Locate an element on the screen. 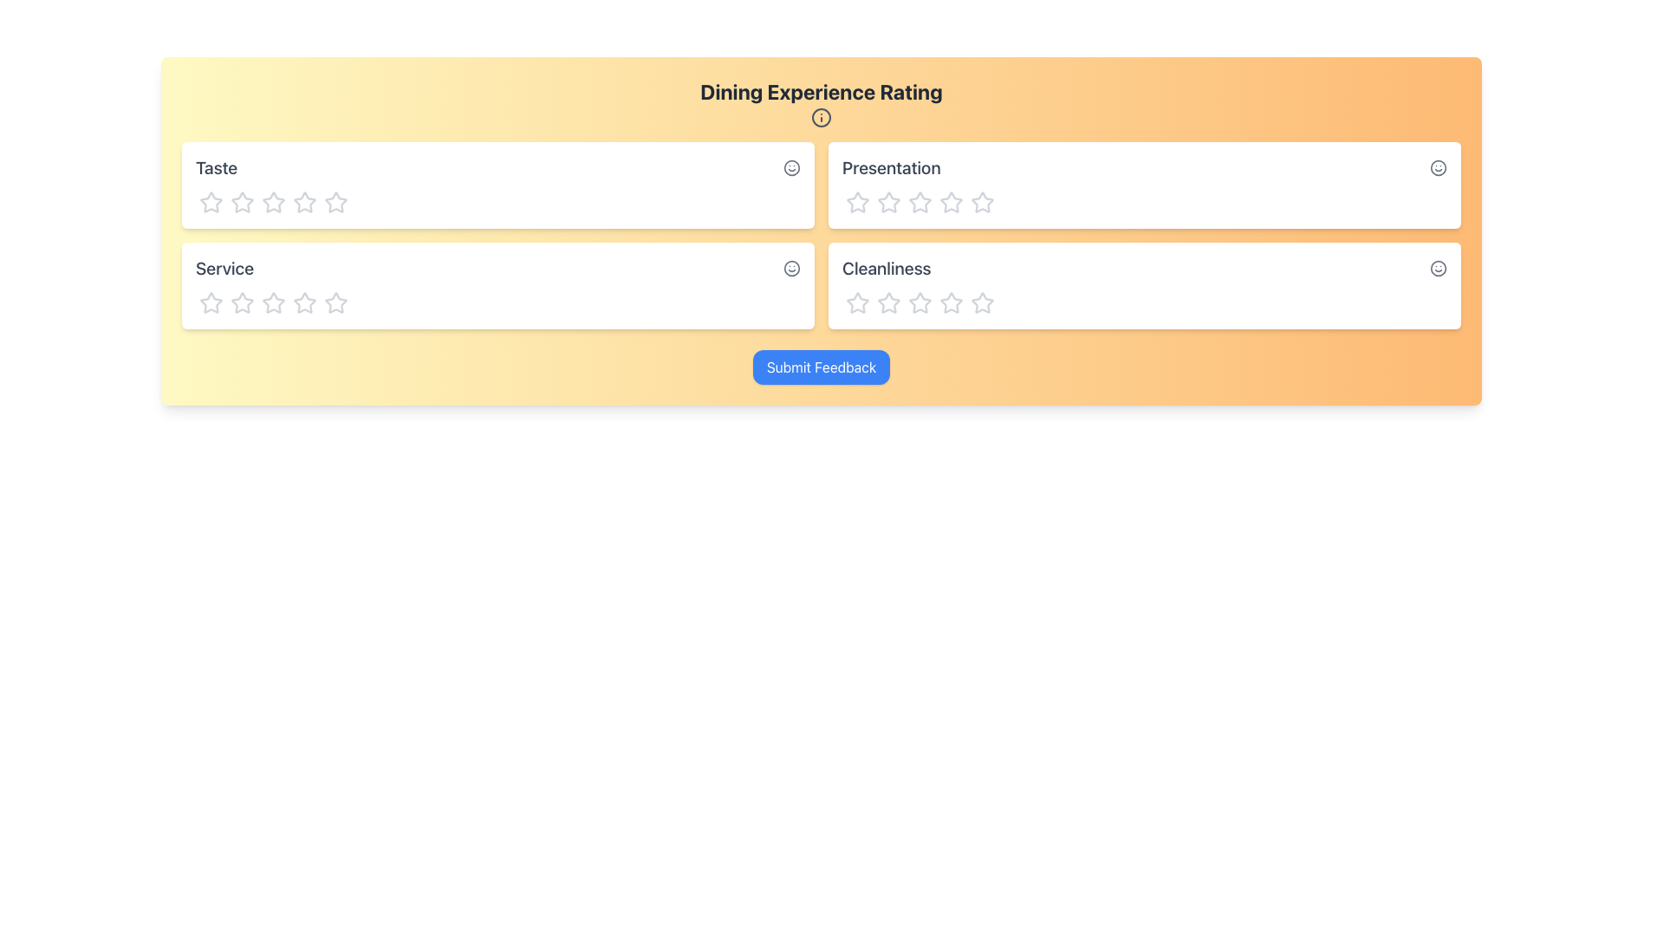 The image size is (1664, 936). the second star icon in the horizontal rating row for the 'Service' section is located at coordinates (304, 302).